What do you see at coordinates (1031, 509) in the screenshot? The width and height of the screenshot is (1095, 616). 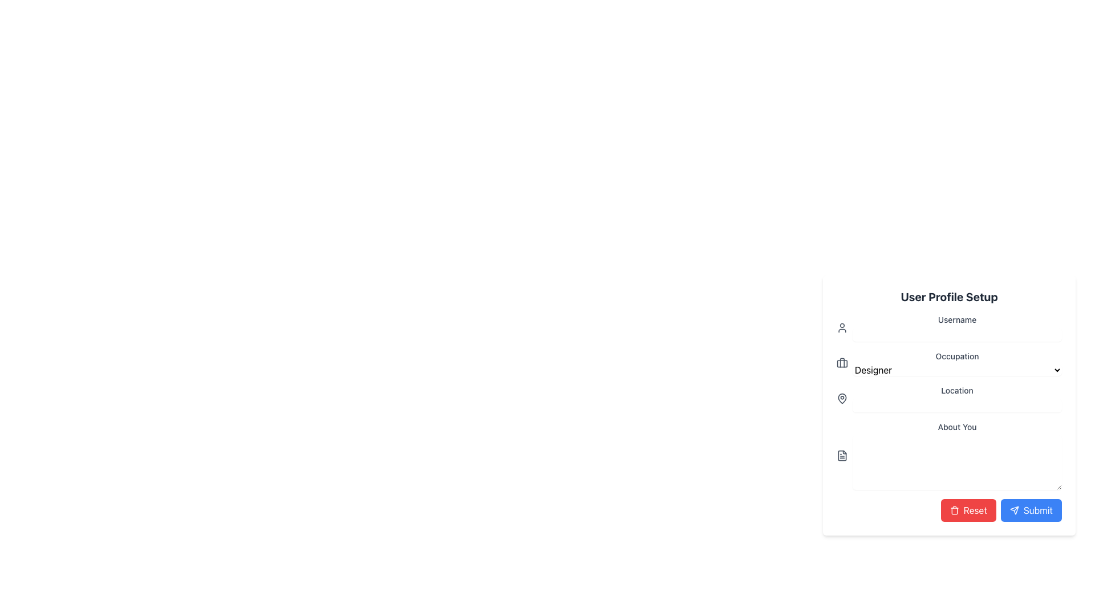 I see `the 'Submit' button with rounded corners, blue background, and white text for keyboard interaction` at bounding box center [1031, 509].